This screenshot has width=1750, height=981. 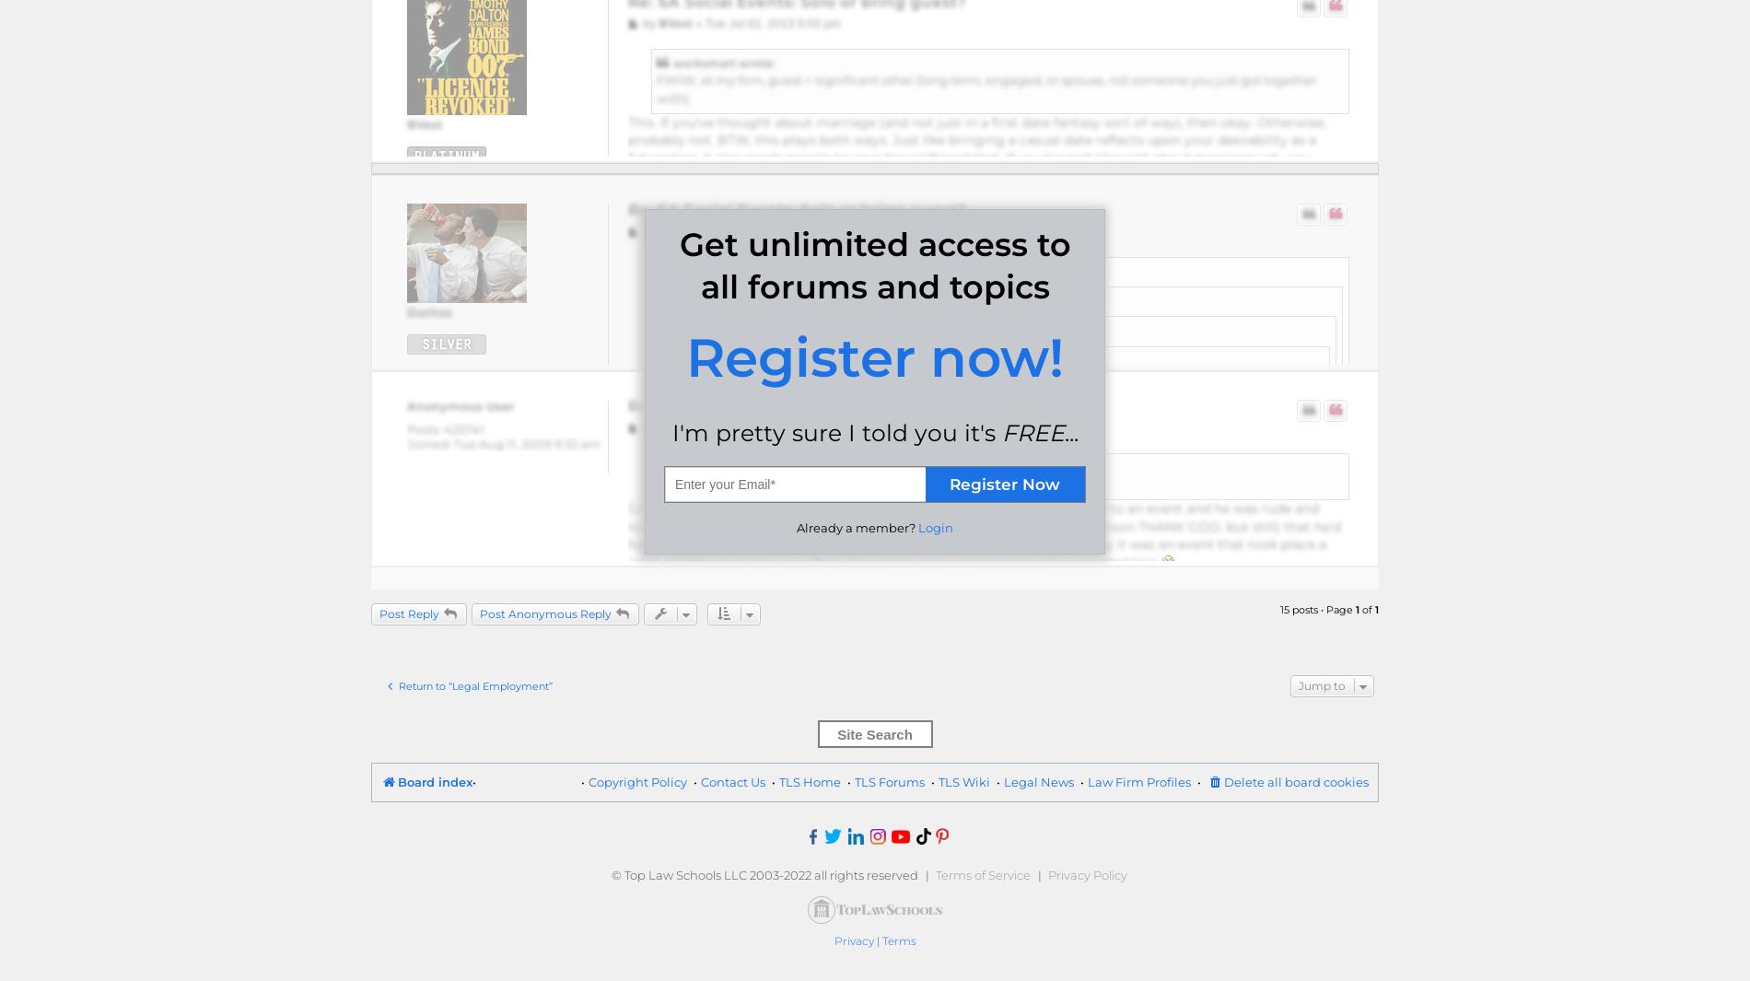 What do you see at coordinates (722, 61) in the screenshot?
I see `'worksmart wrote:'` at bounding box center [722, 61].